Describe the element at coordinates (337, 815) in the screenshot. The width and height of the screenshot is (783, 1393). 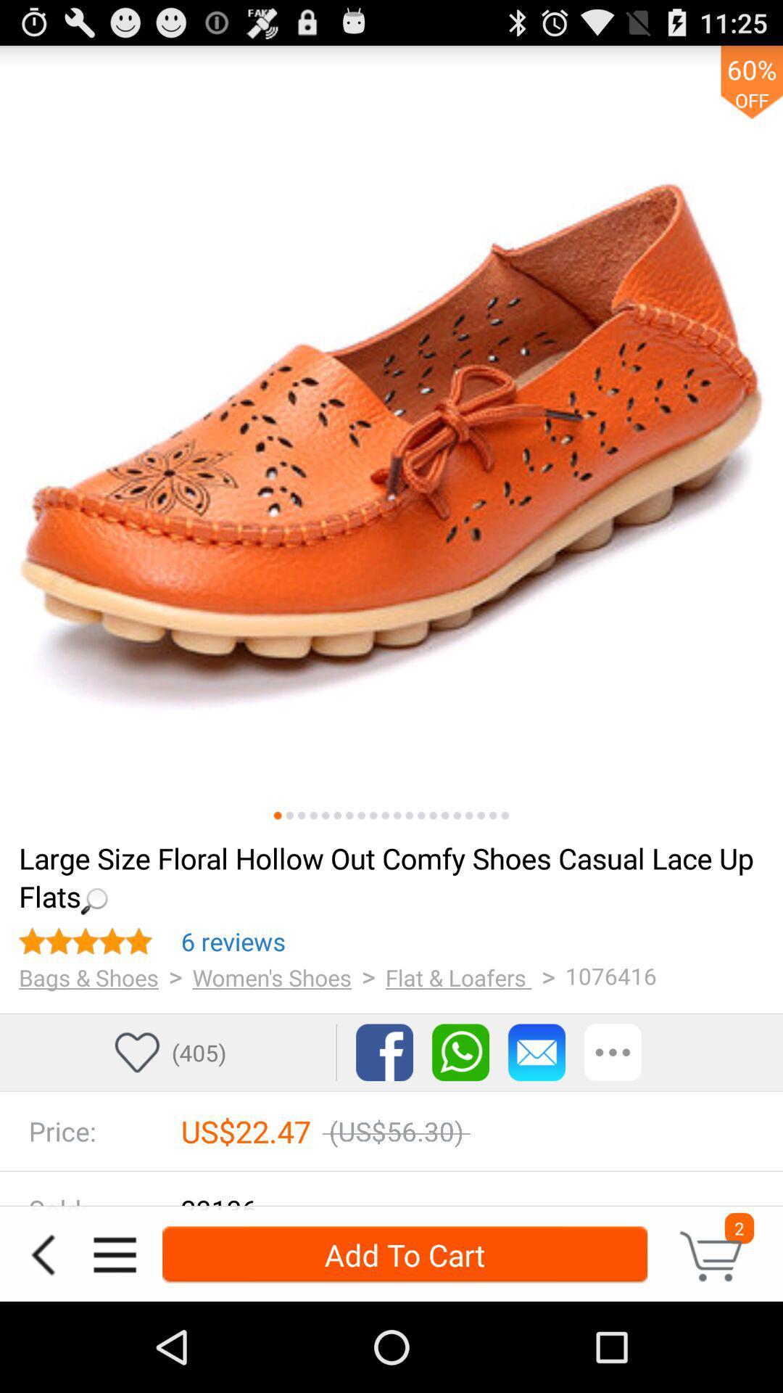
I see `next item` at that location.